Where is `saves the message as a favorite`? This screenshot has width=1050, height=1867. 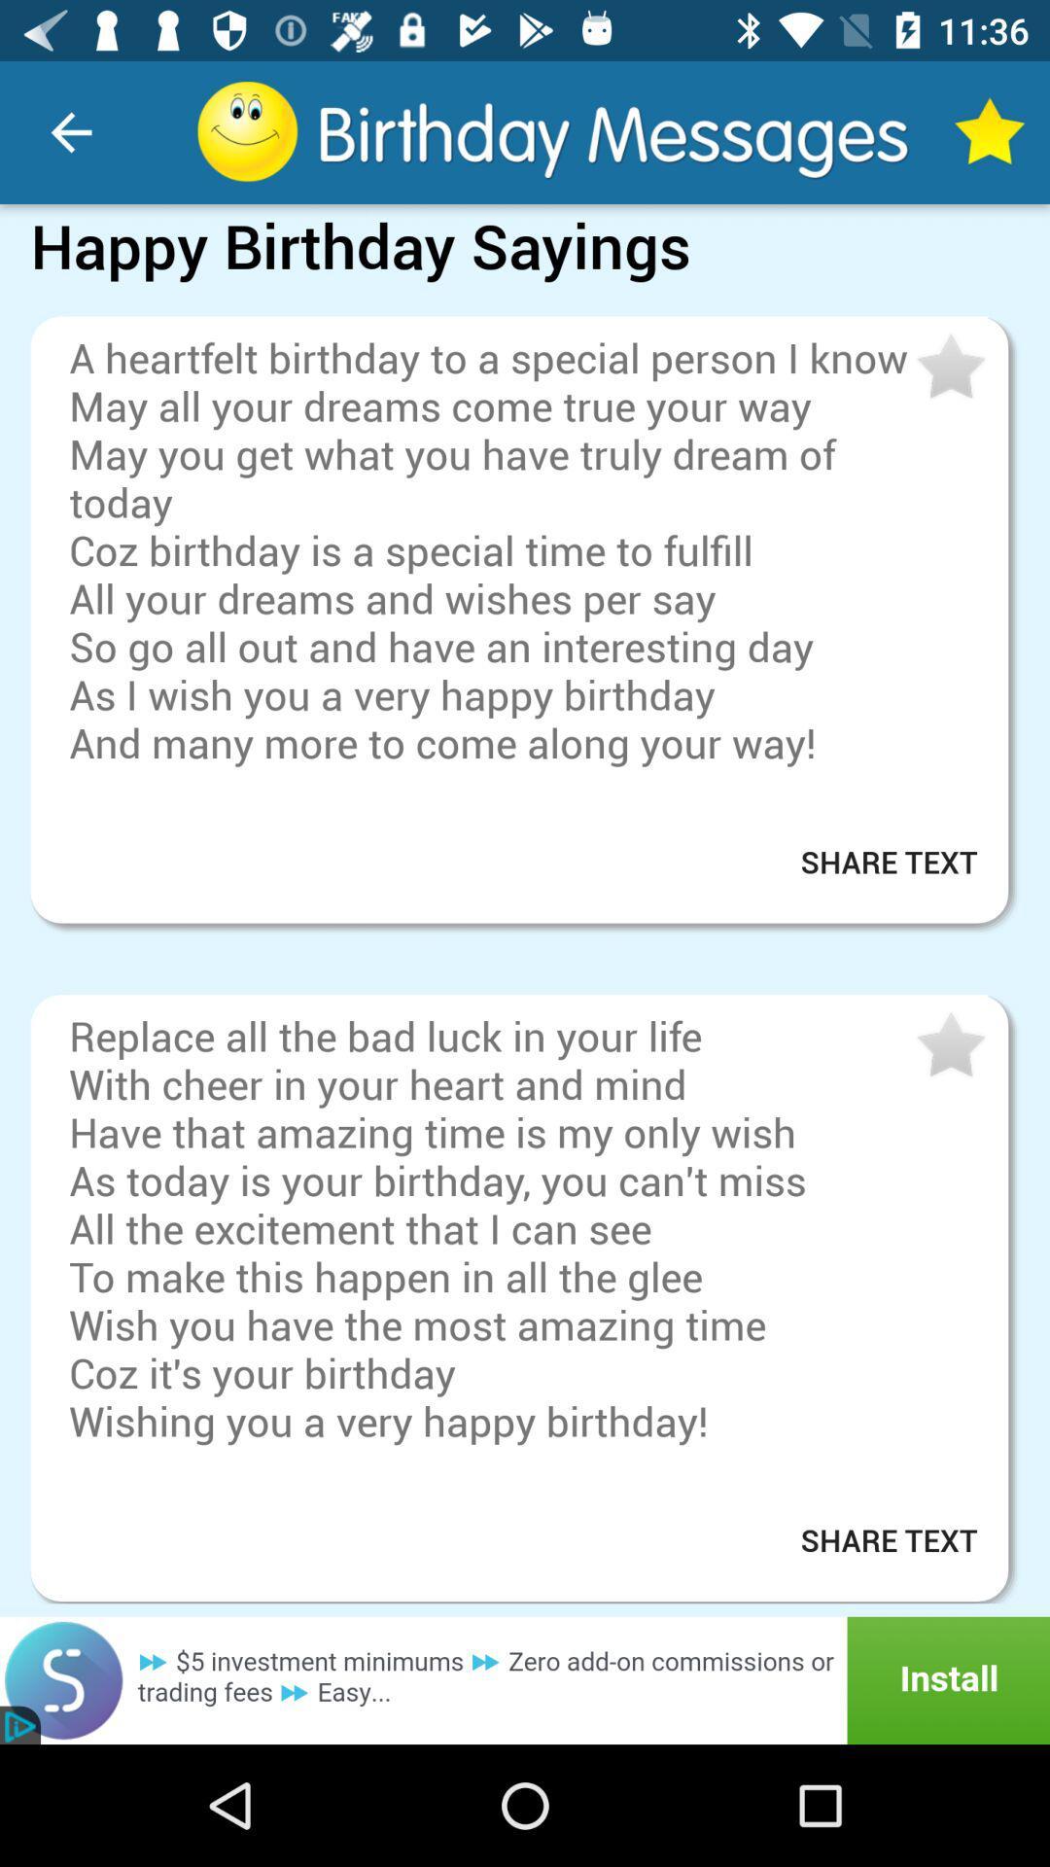 saves the message as a favorite is located at coordinates (948, 368).